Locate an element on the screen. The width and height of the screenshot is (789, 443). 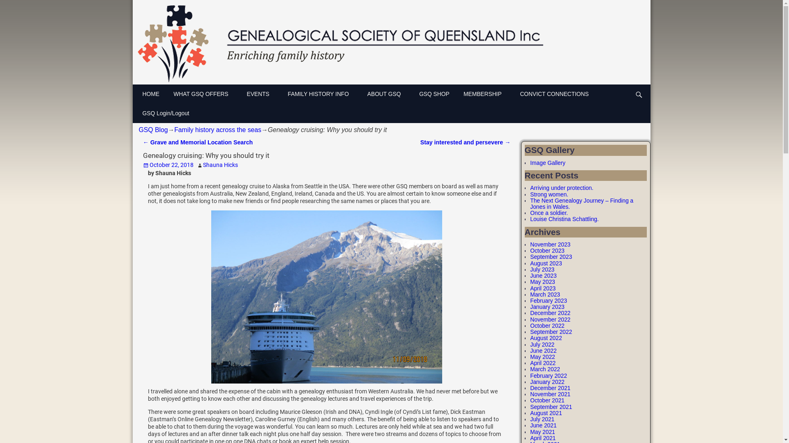
'December 2021' is located at coordinates (550, 388).